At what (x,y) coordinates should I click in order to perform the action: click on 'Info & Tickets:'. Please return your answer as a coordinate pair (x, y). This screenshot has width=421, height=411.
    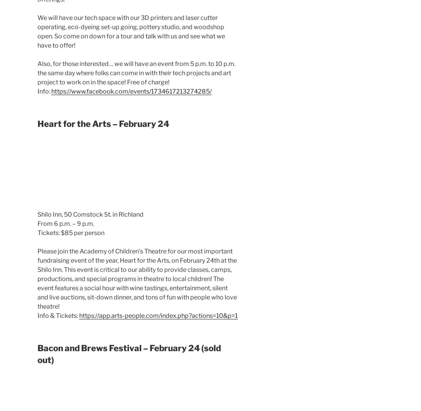
    Looking at the image, I should click on (58, 315).